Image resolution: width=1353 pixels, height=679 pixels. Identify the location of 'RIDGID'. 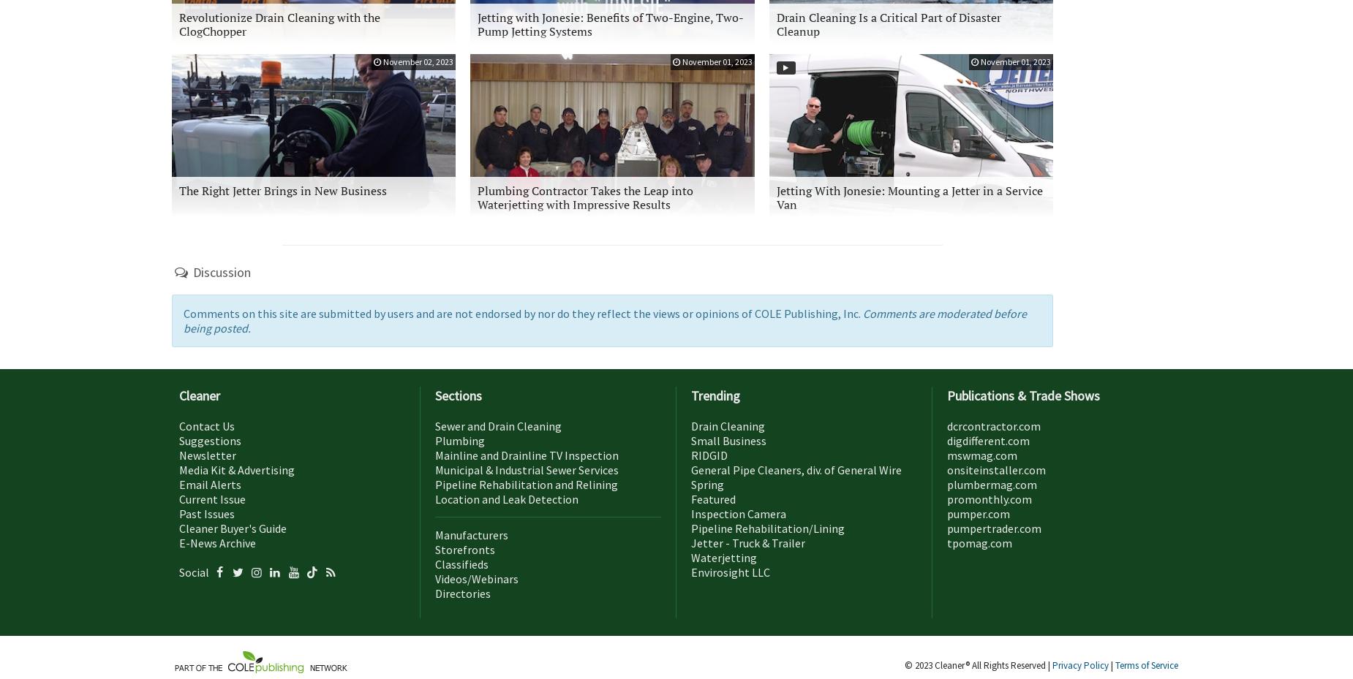
(708, 453).